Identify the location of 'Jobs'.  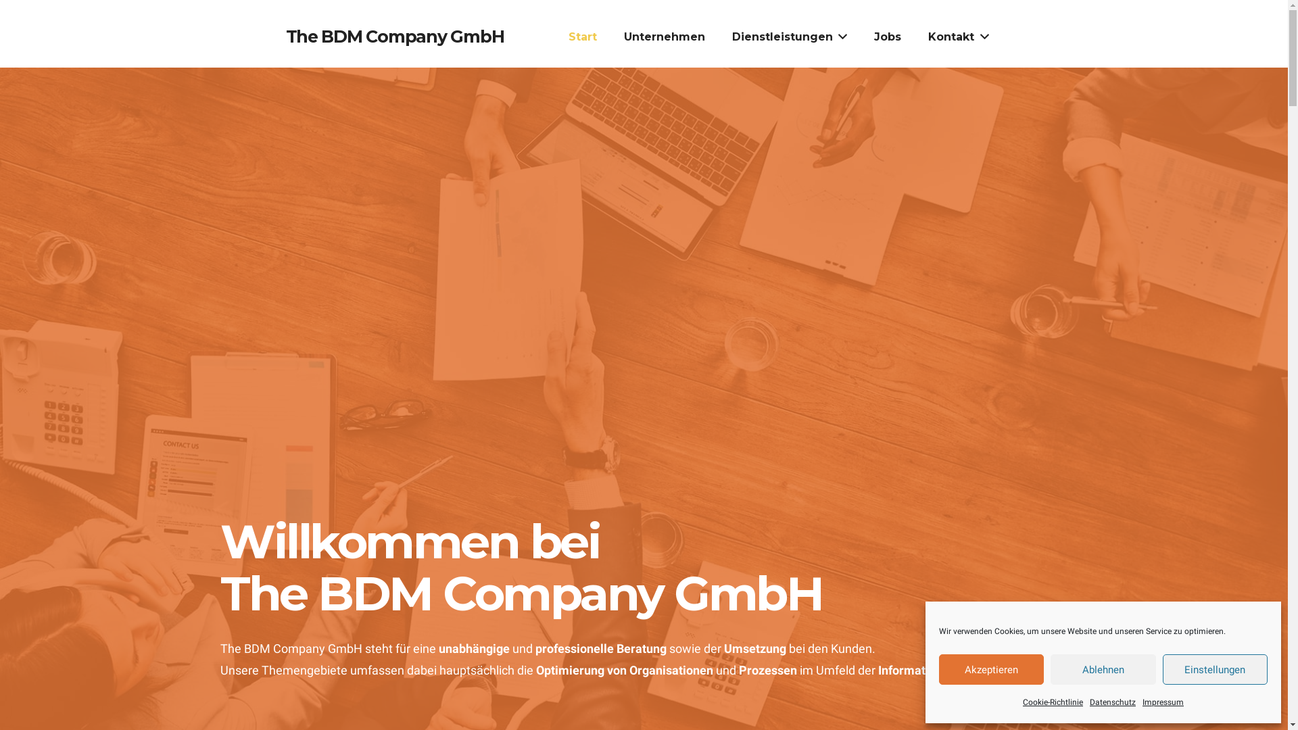
(859, 36).